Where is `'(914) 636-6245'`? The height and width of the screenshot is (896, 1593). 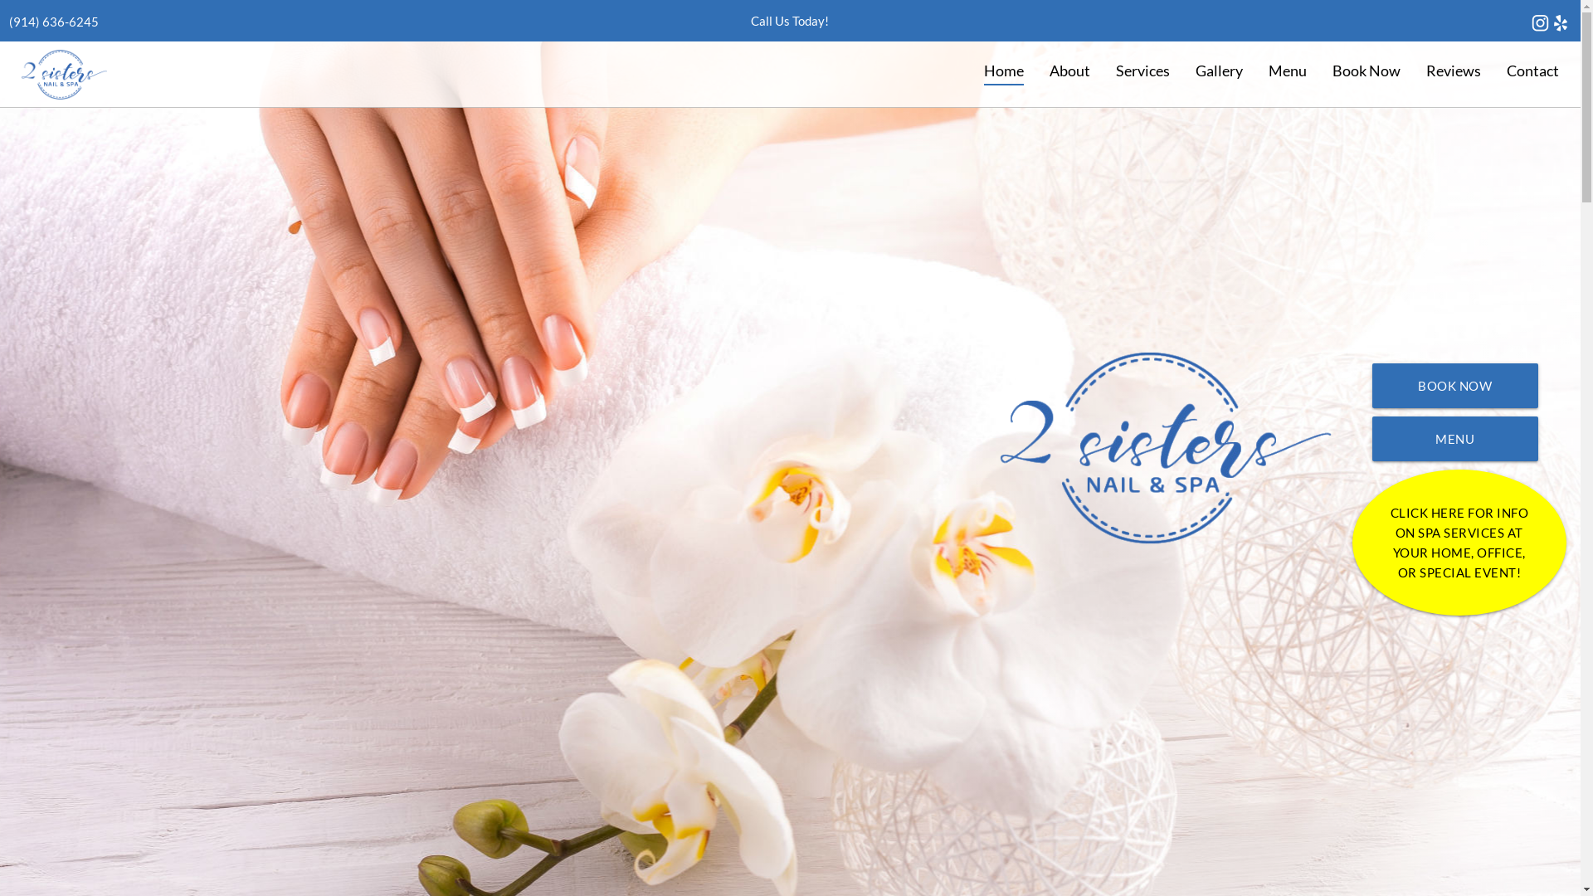
'(914) 636-6245' is located at coordinates (54, 22).